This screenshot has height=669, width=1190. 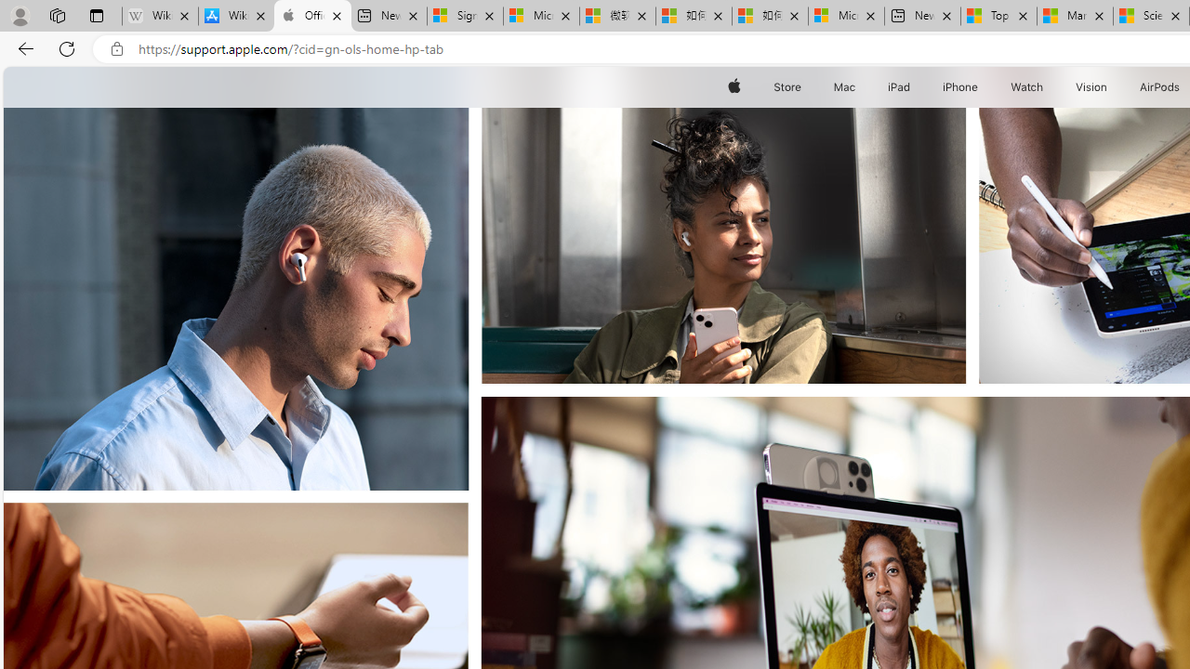 I want to click on 'Watch menu', so click(x=1047, y=86).